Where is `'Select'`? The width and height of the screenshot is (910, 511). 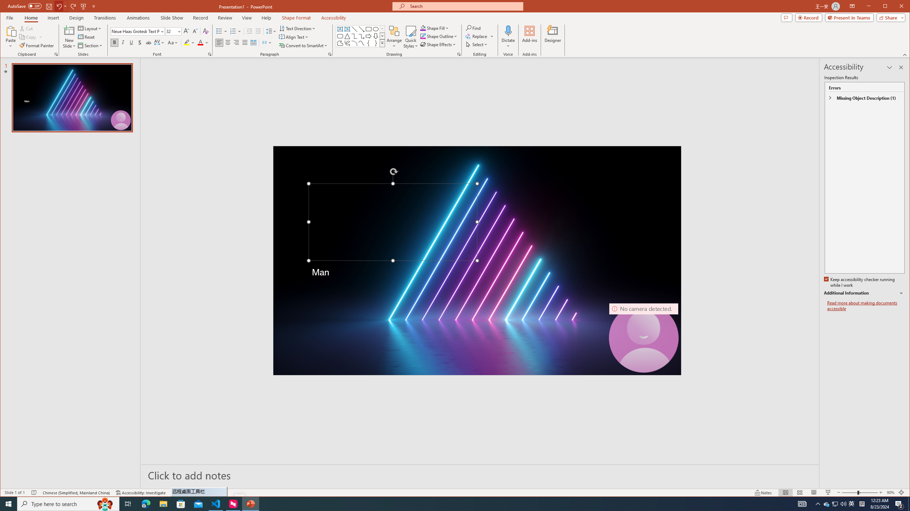
'Select' is located at coordinates (477, 44).